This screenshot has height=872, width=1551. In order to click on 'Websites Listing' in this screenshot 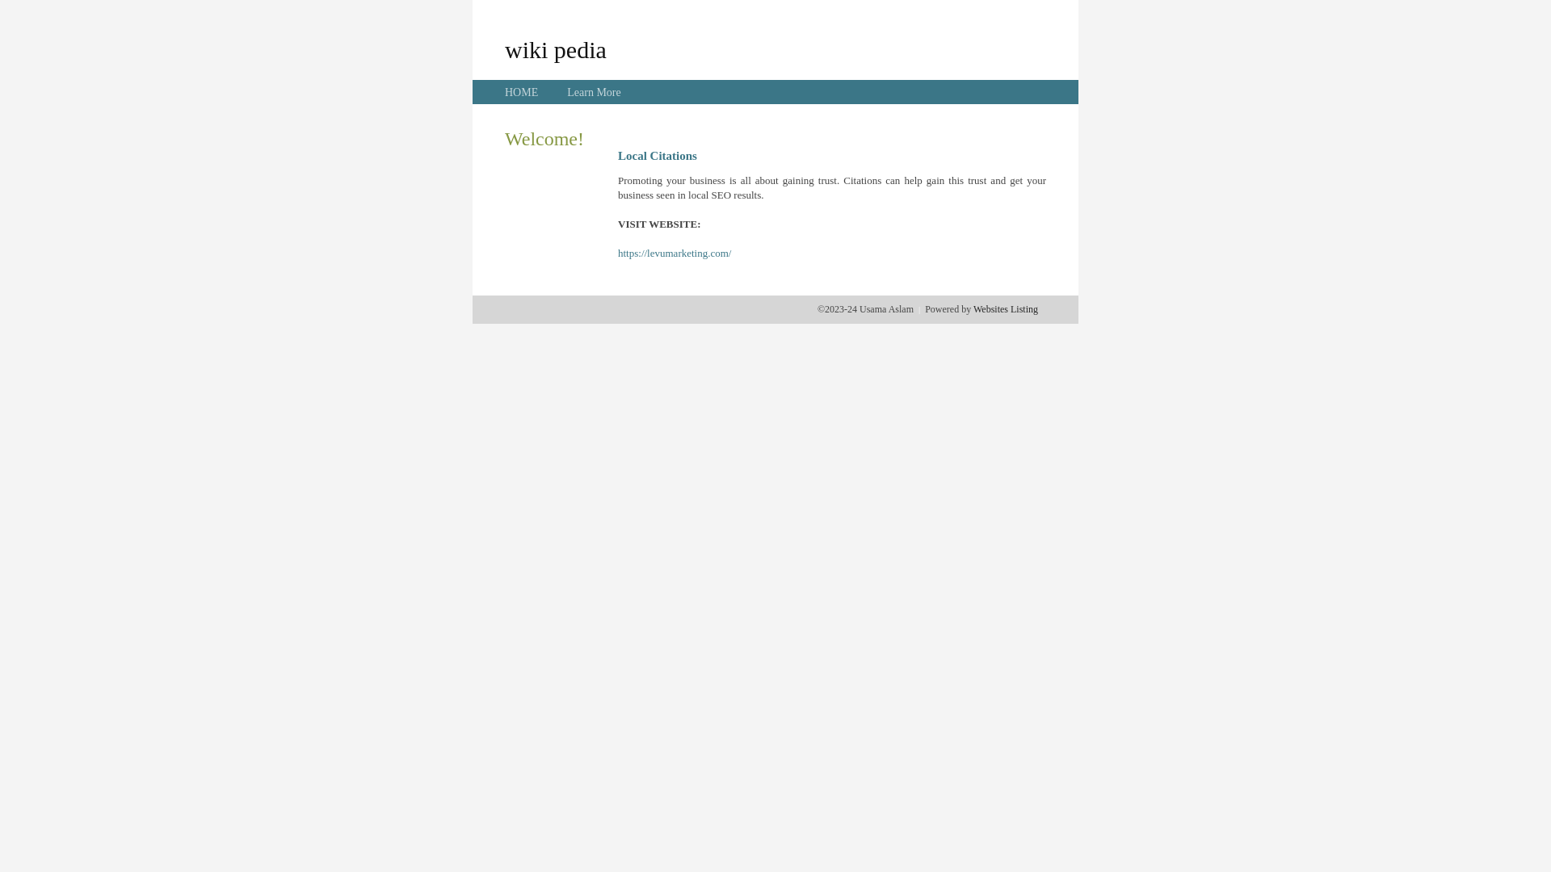, I will do `click(1004, 308)`.